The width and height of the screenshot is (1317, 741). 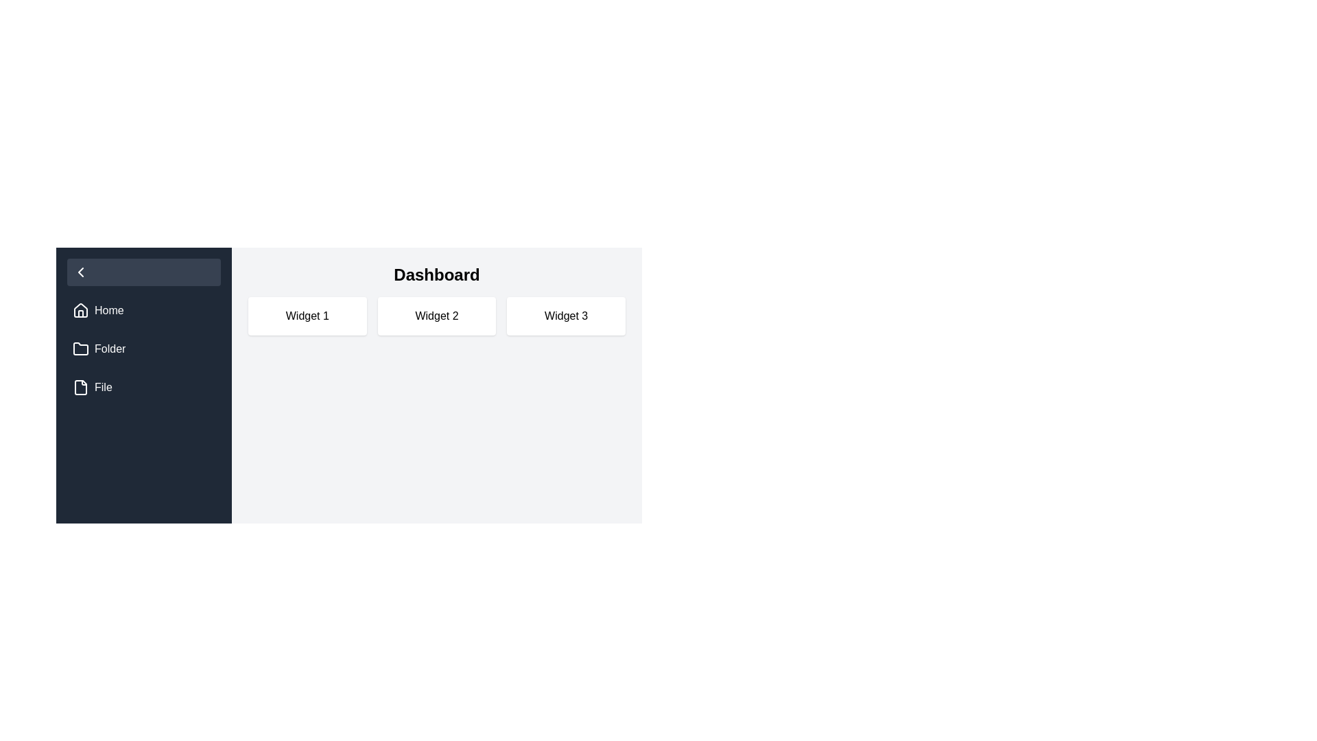 What do you see at coordinates (80, 309) in the screenshot?
I see `the 'Home' navigation icon located in the side navigation panel, which is the first icon in the vertical list, positioned next to the 'Home' text label` at bounding box center [80, 309].